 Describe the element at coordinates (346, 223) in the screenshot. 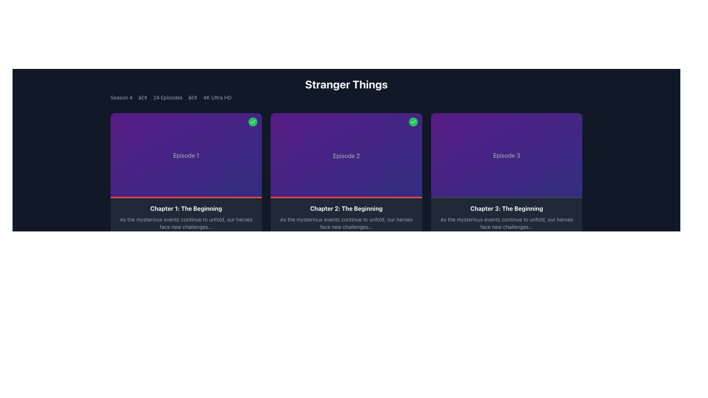

I see `the text block displaying 'As the mysterious events continue to unfold, our heroes face new challenges...' located below the title 'Chapter 2: The Beginning' in the second episode card of the carousel layout` at that location.